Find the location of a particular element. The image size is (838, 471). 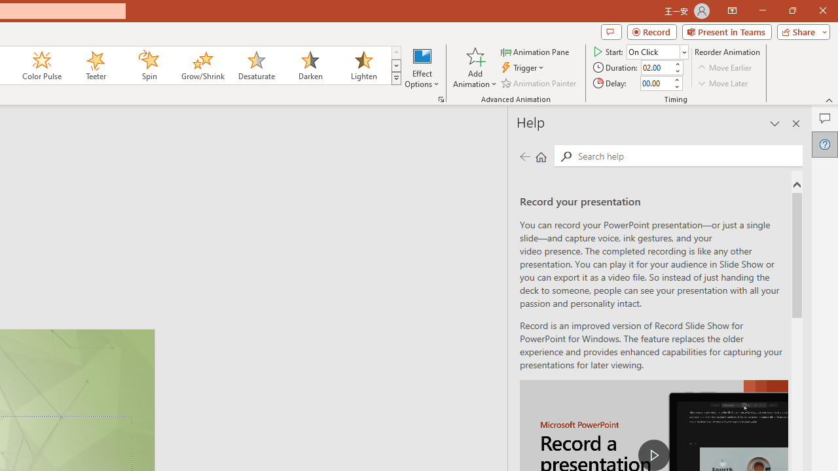

'Animation Duration' is located at coordinates (657, 67).